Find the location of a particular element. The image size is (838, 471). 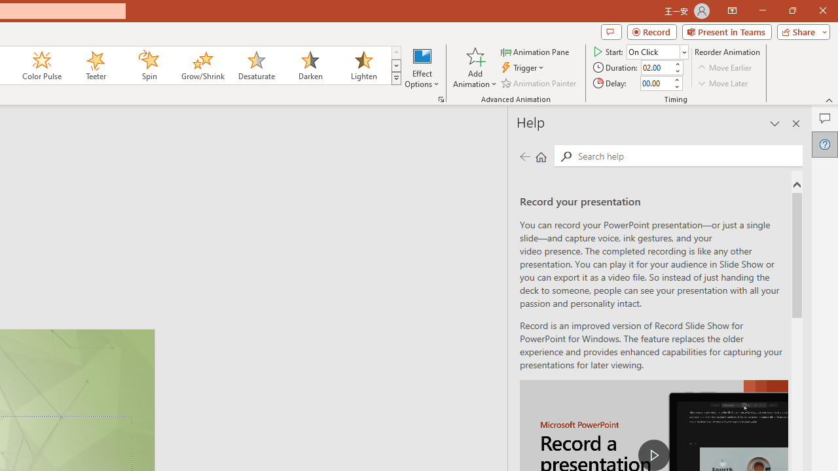

'Animation Duration' is located at coordinates (657, 67).